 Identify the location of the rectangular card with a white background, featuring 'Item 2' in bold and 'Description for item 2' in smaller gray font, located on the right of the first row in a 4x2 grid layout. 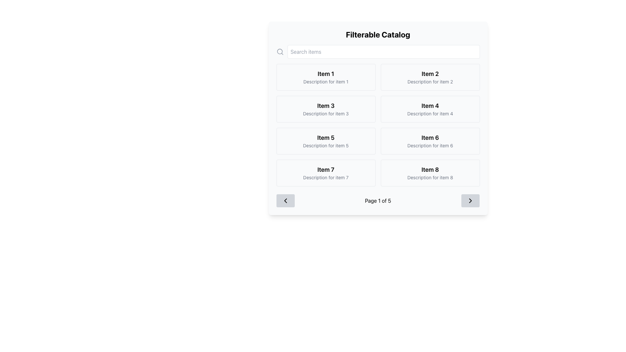
(430, 77).